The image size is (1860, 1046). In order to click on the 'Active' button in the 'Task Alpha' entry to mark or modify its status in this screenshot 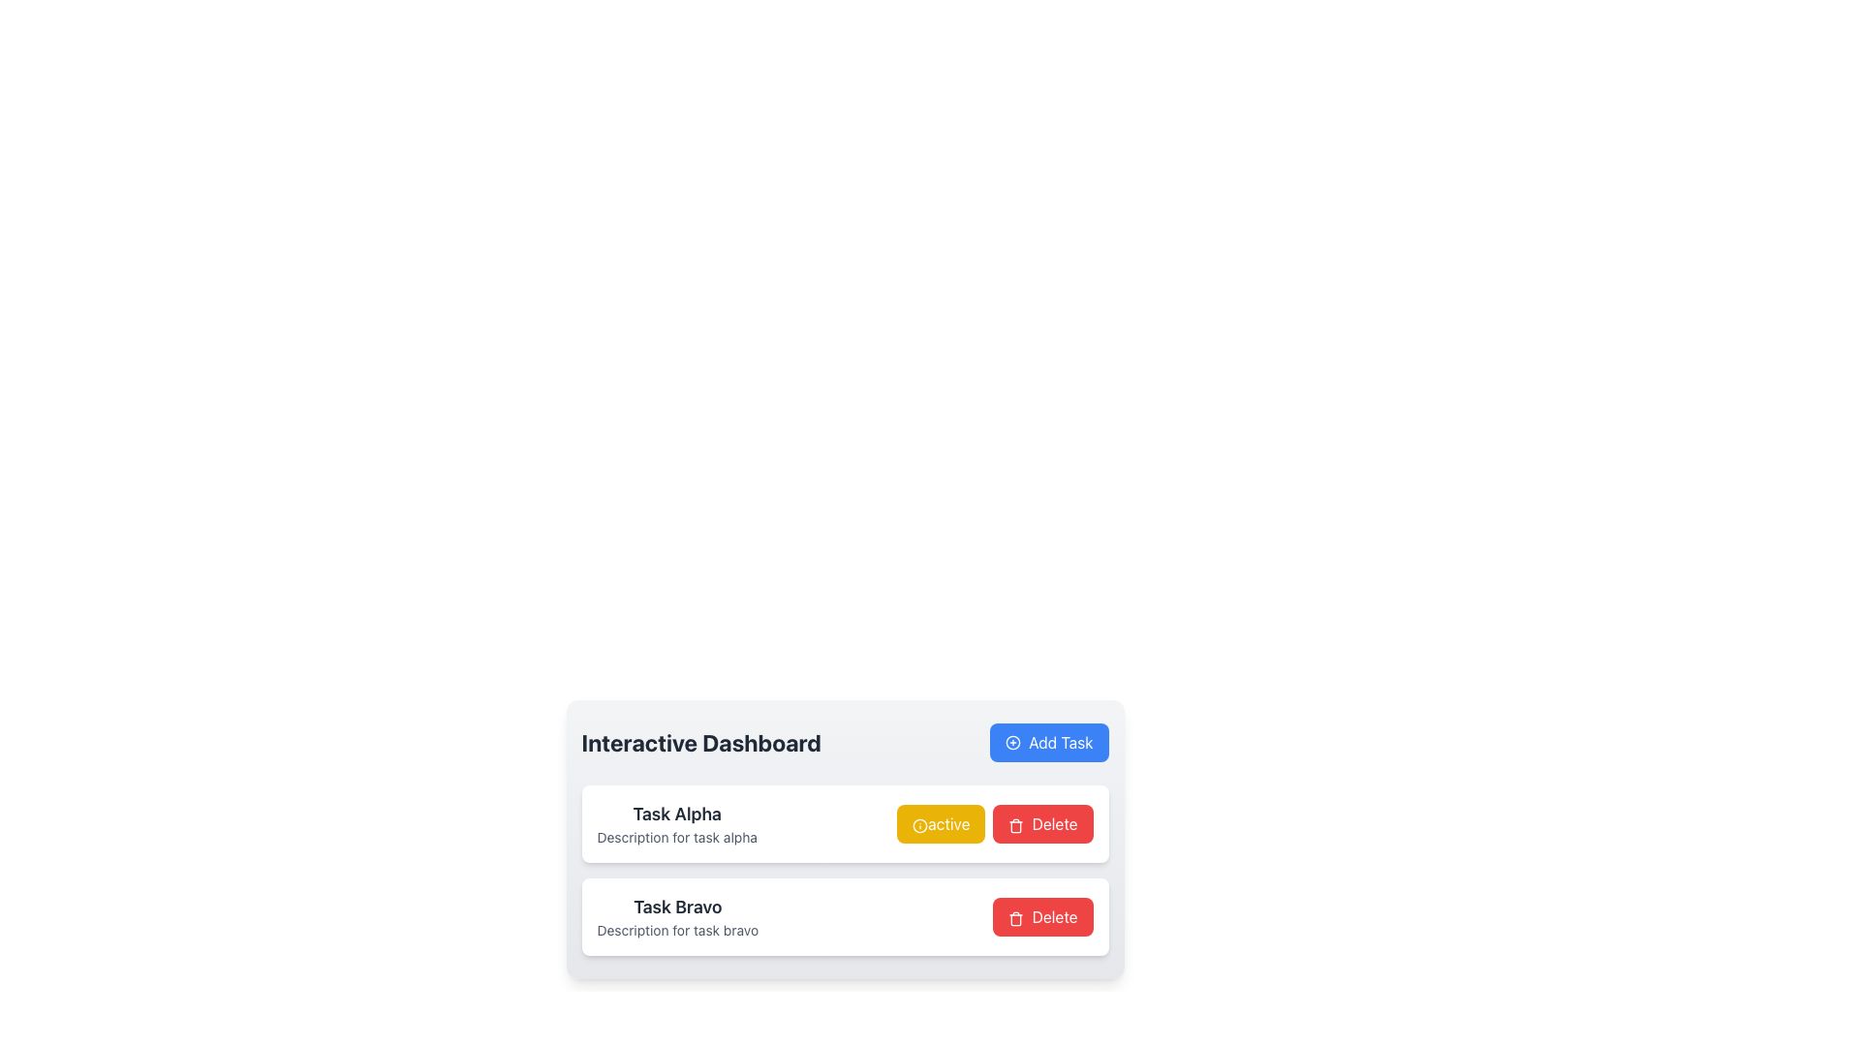, I will do `click(845, 824)`.